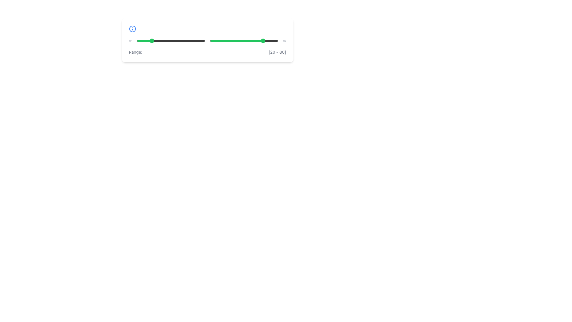 The image size is (572, 322). Describe the element at coordinates (143, 41) in the screenshot. I see `the slider` at that location.